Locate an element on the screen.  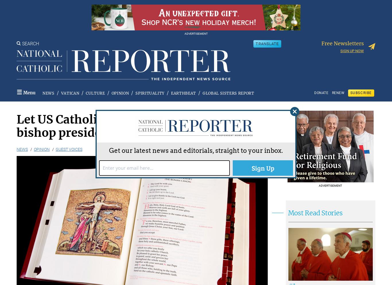
'Sign up now' is located at coordinates (352, 50).